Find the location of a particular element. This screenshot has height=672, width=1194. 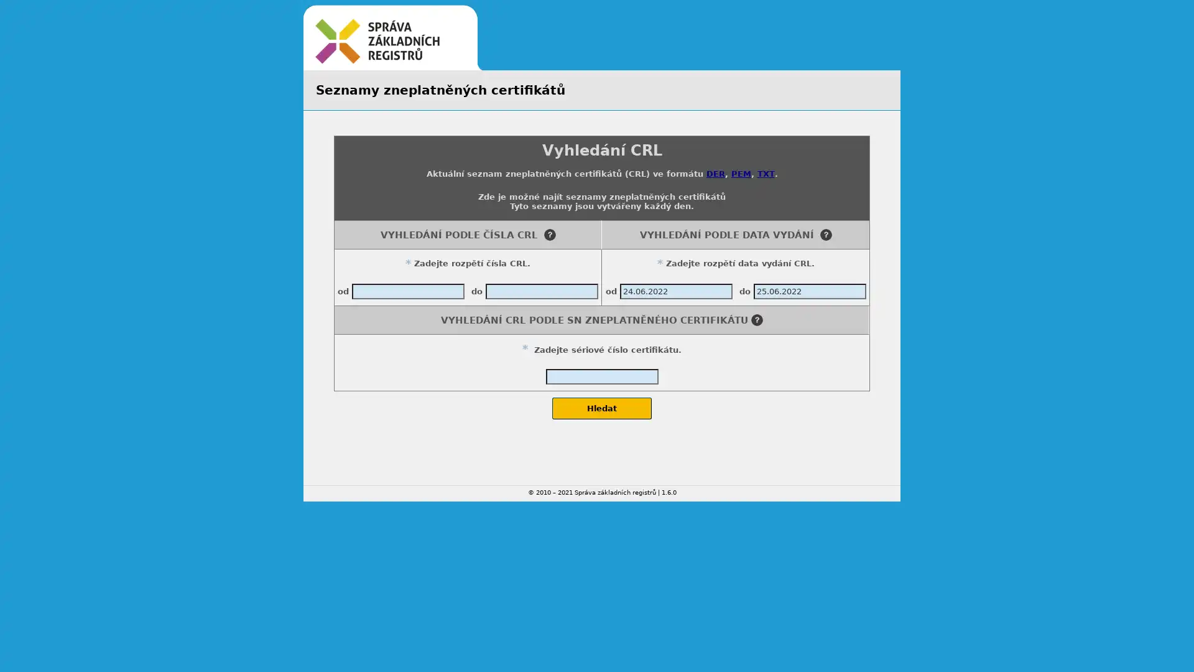

Napoveda is located at coordinates (756, 319).